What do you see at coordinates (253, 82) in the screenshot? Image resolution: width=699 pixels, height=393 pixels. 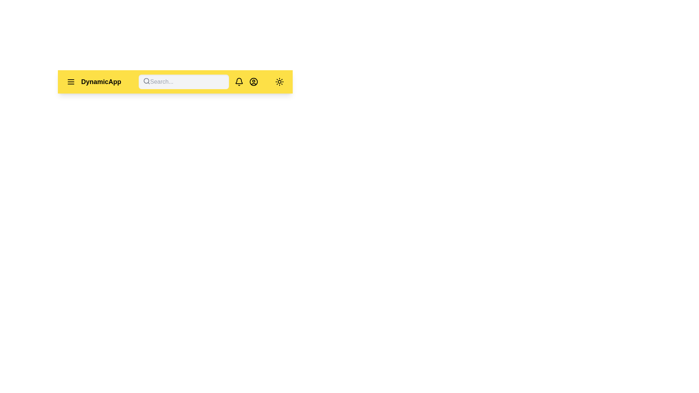 I see `the user profile icon` at bounding box center [253, 82].